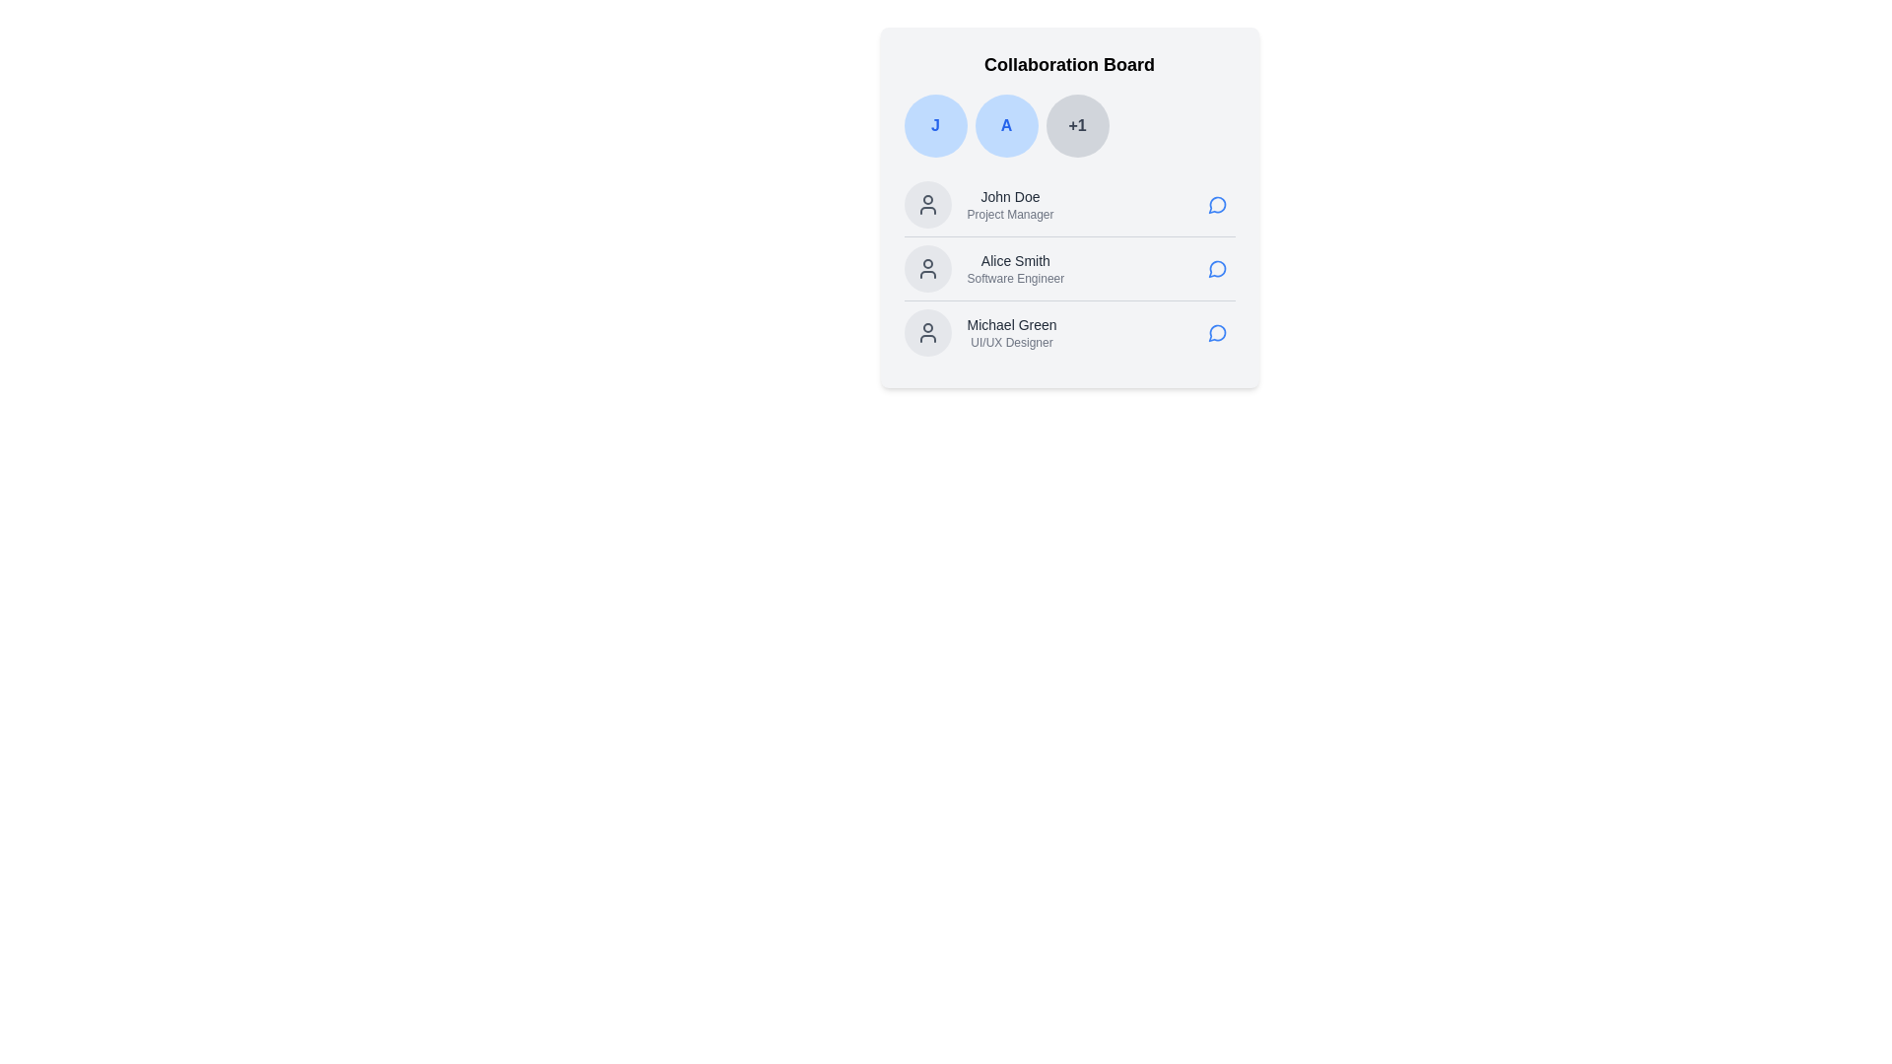  Describe the element at coordinates (1076, 125) in the screenshot. I see `the third circular badge or counter in the horizontal row within the 'Collaboration Board' interface` at that location.